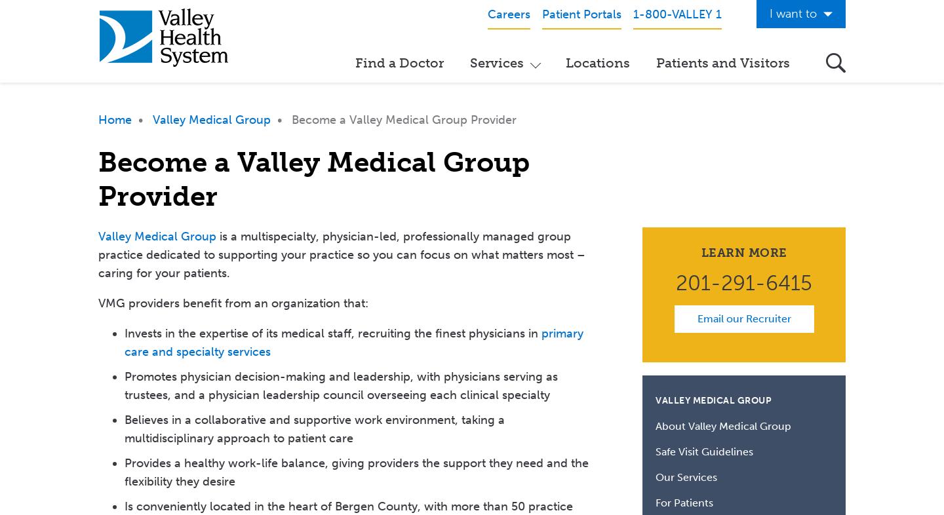  I want to click on 'is a multispecialty, physician-led, professionally managed group practice dedicated to supporting your practice so you can focus on what matters most – caring for your patients.', so click(341, 254).